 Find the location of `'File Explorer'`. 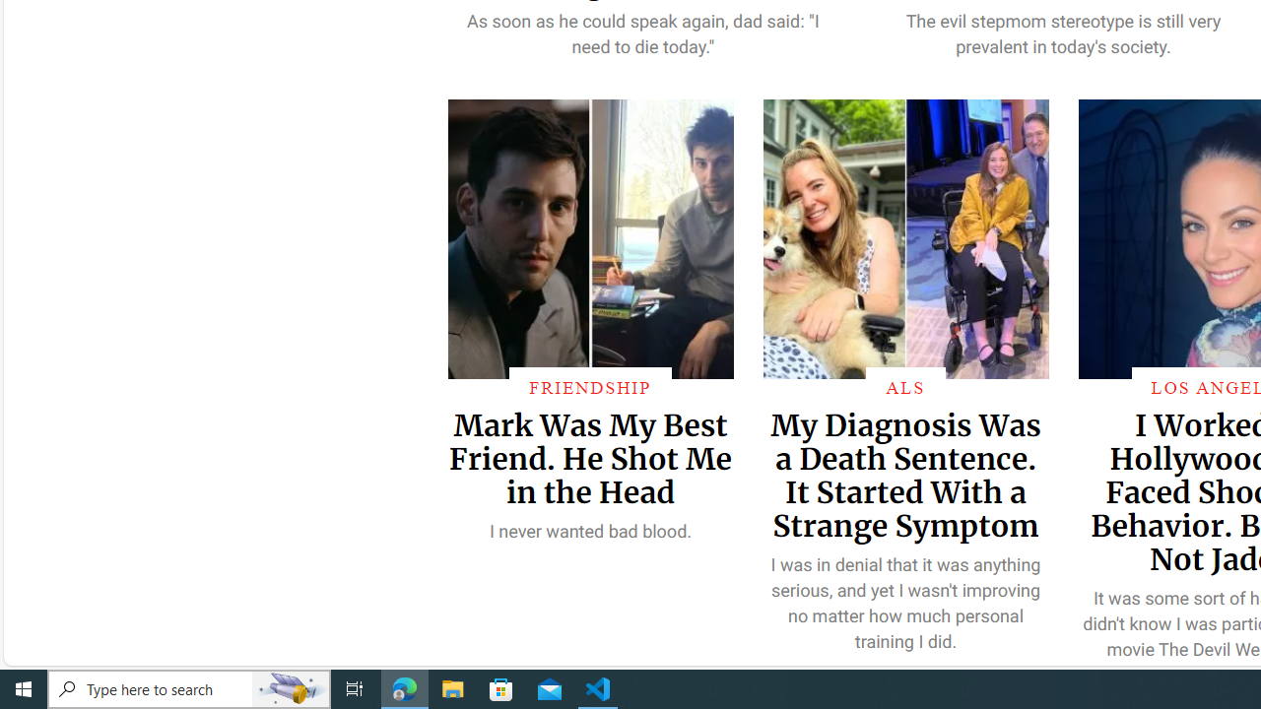

'File Explorer' is located at coordinates (452, 687).